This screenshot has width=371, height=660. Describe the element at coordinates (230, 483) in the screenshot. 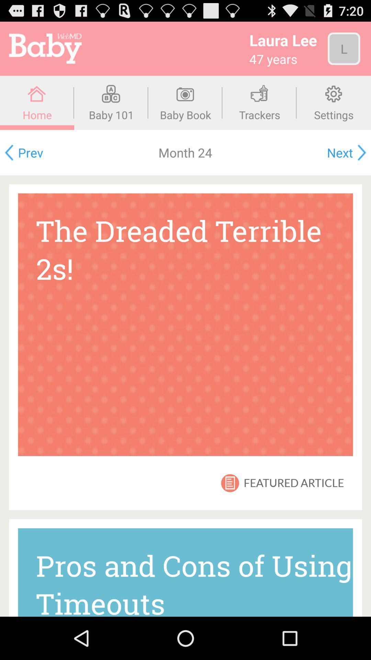

I see `icon above pros and cons item` at that location.